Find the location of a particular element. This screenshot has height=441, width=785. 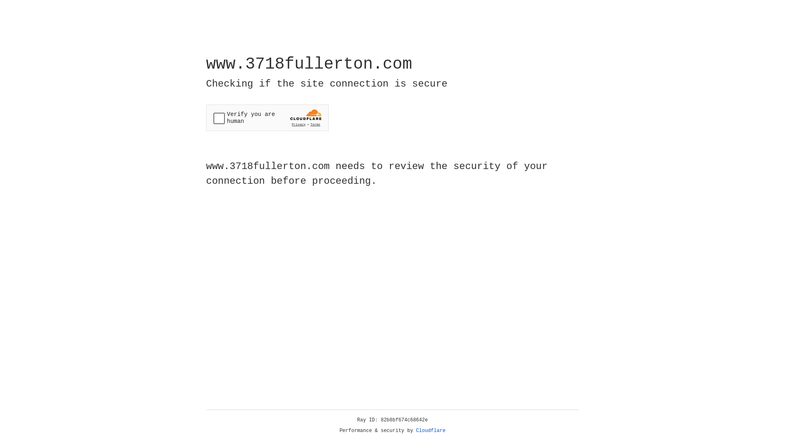

'Cloudflare' is located at coordinates (431, 430).